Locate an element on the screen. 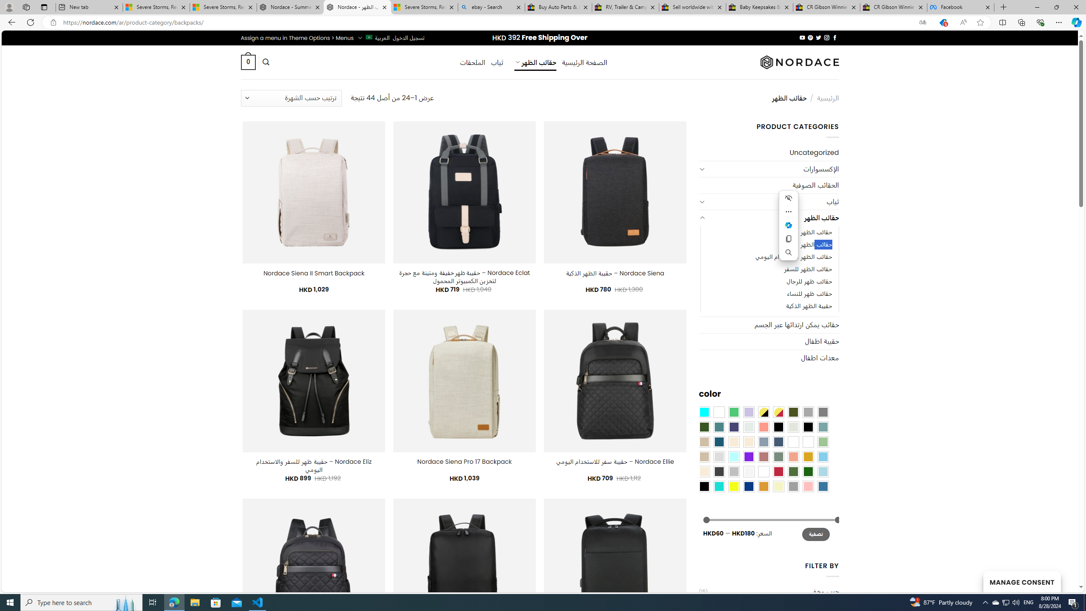 The width and height of the screenshot is (1086, 611). 'Facebook' is located at coordinates (960, 7).